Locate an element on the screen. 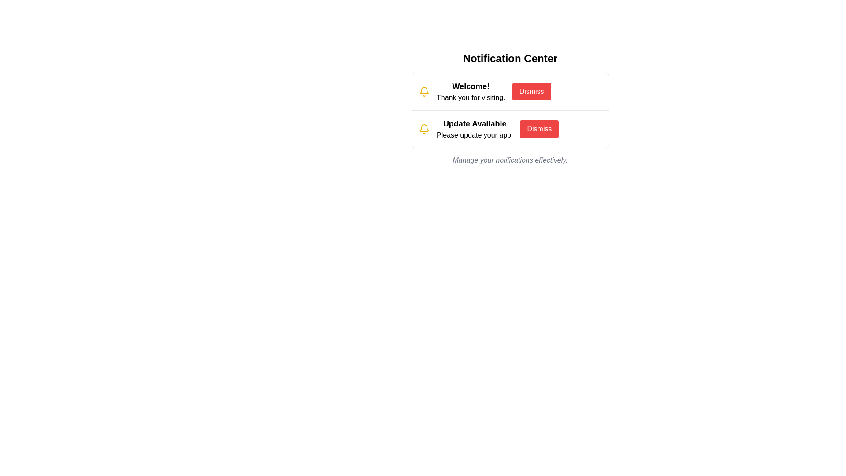  the notification icon that represents alerts or messages associated with the 'Welcome!' text, located in the notification center is located at coordinates (424, 92).